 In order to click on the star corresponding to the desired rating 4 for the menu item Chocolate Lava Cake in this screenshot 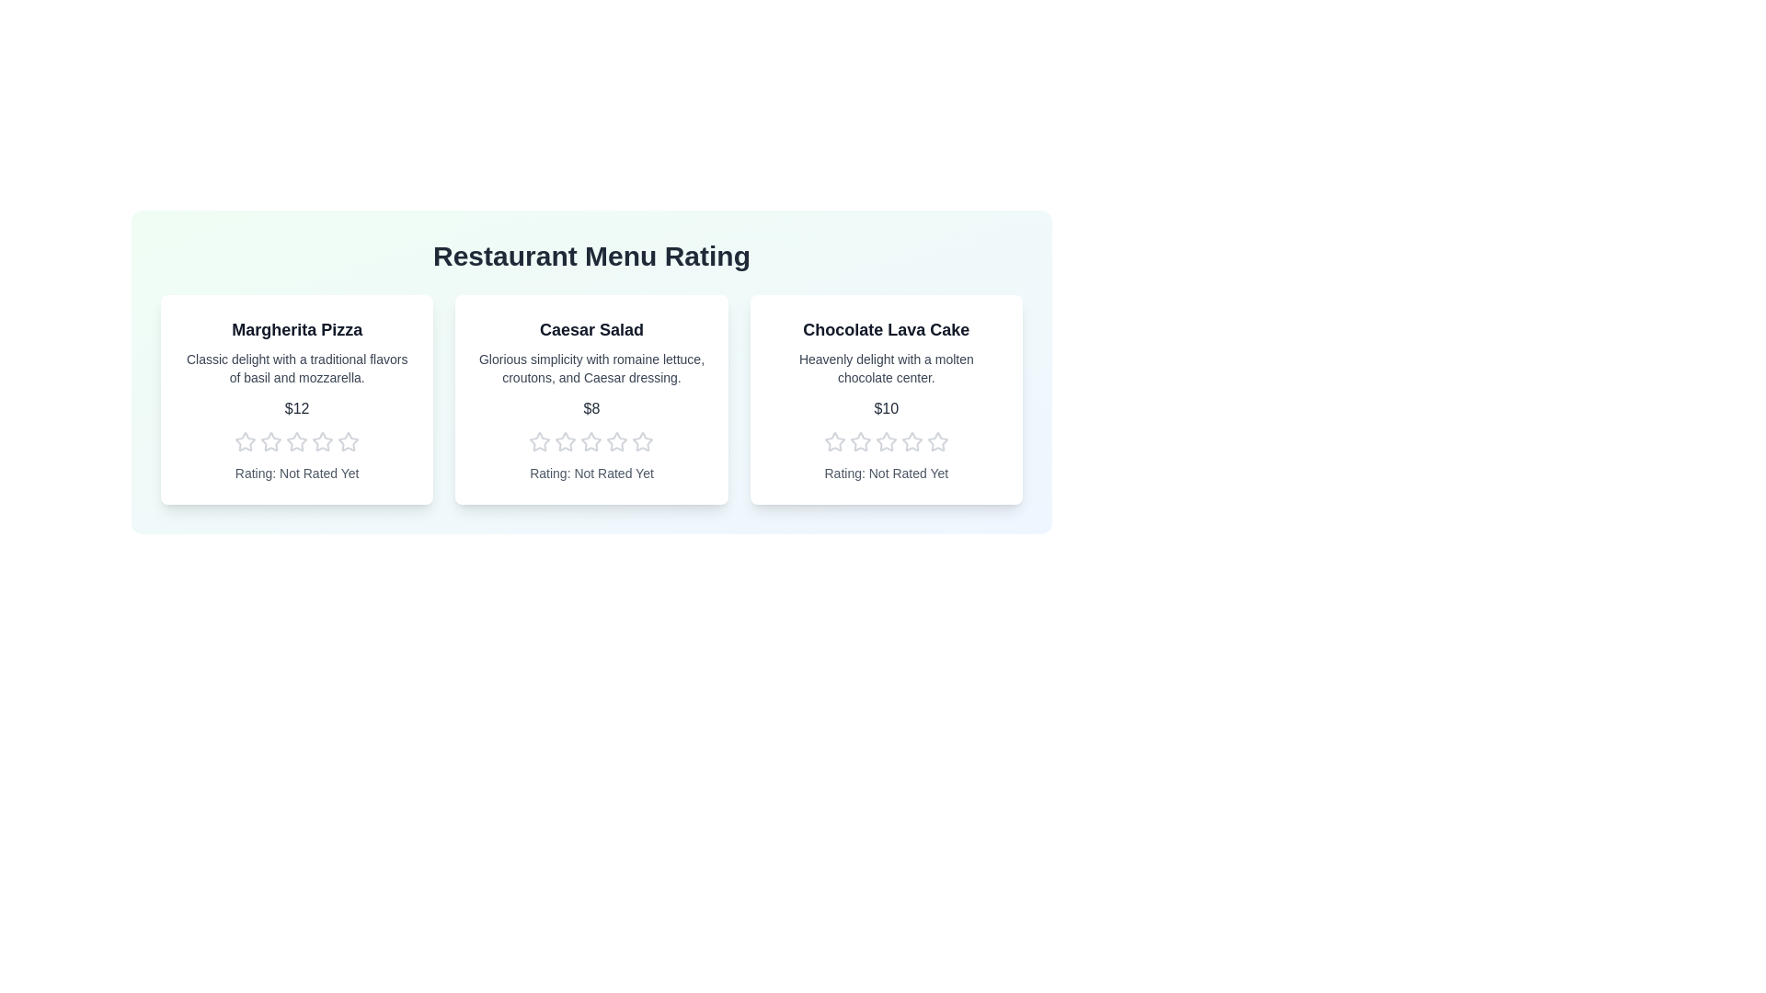, I will do `click(911, 442)`.